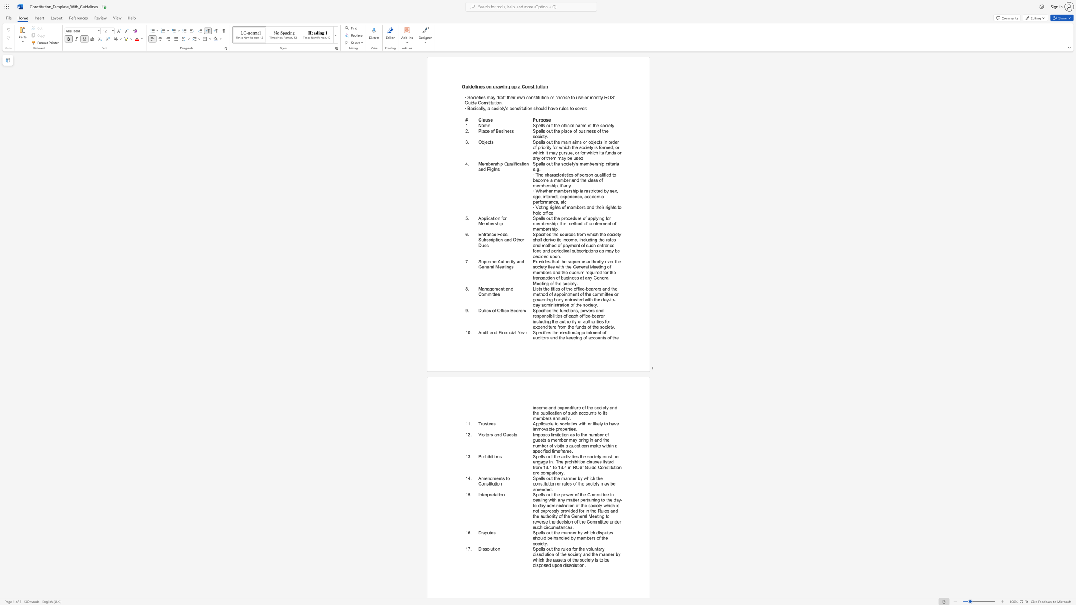 The width and height of the screenshot is (1076, 605). Describe the element at coordinates (540, 300) in the screenshot. I see `the subset text "erning body entrusted with the day-to-day administrat" within the text "Lists the titles of the office-bearers and the method of appointment of the committee or governing body entrusted with the day-to-day administration of the society."` at that location.